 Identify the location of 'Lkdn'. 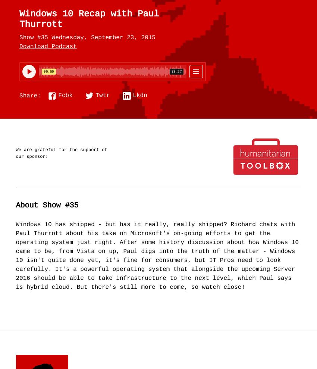
(132, 95).